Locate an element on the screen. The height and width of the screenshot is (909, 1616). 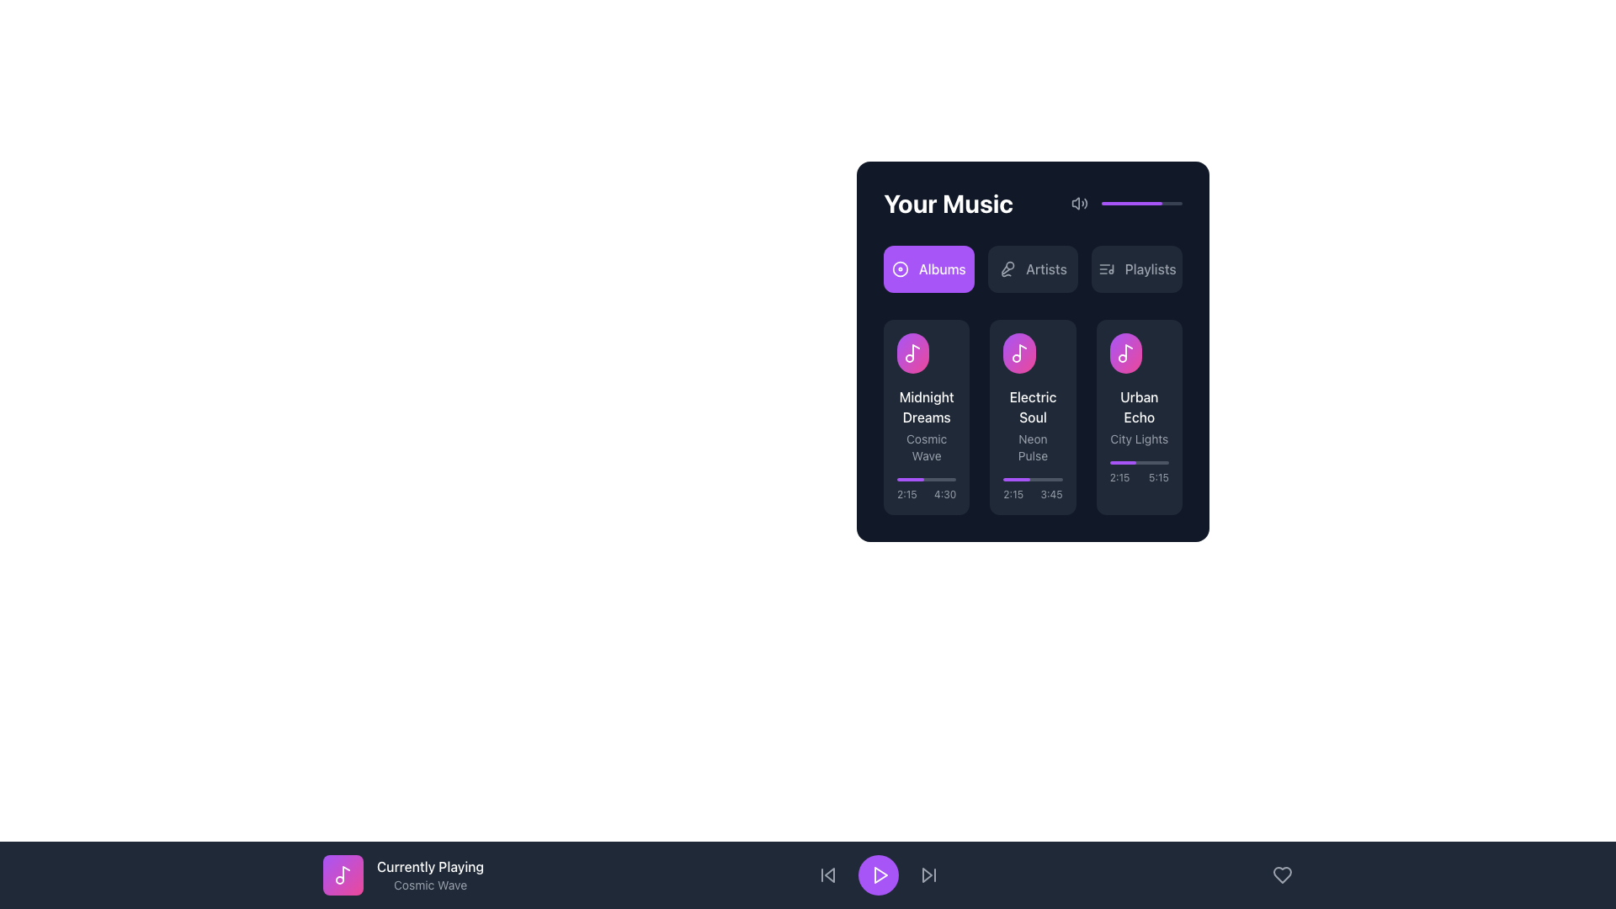
the text label displaying 'Neon Pulse', which is a gray, small-font text located below the bold title 'Electric Soul' within a dark rectangular card is located at coordinates (1032, 447).